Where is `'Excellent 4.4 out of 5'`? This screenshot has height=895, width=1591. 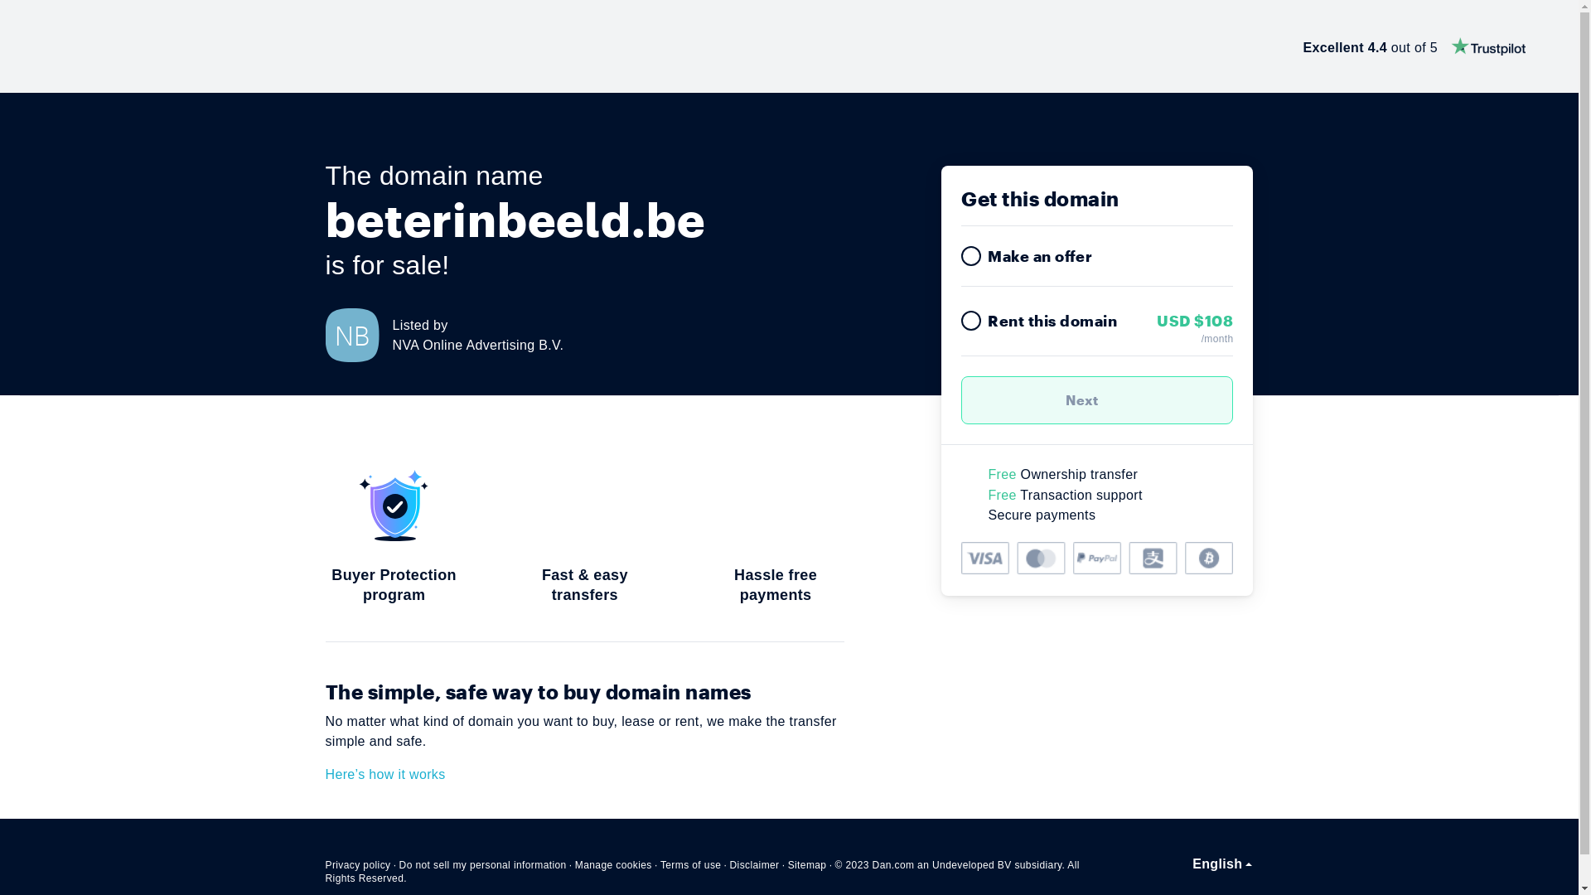 'Excellent 4.4 out of 5' is located at coordinates (1414, 46).